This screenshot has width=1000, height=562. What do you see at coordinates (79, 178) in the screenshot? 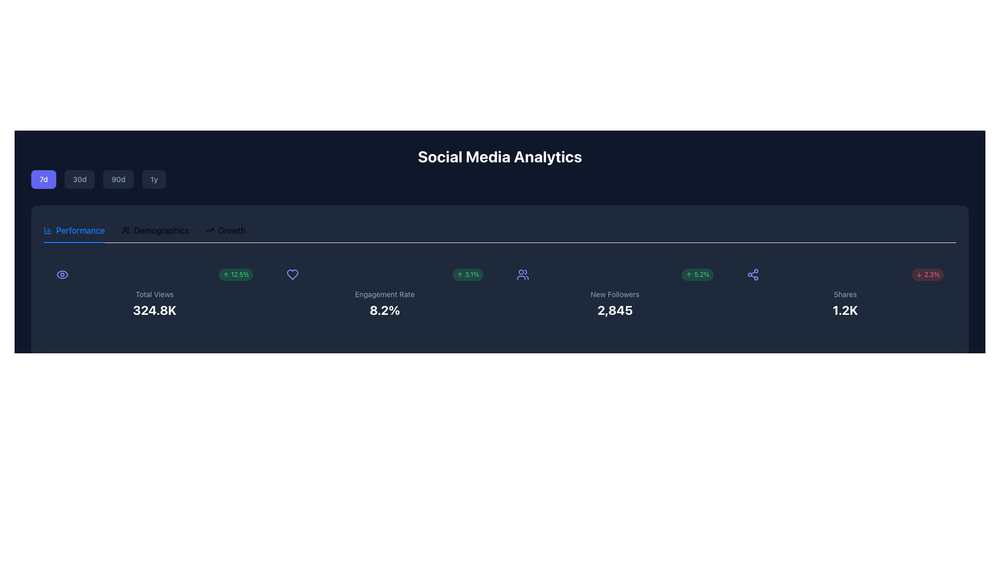
I see `the button labeled '30d' with a dark background and rounded corners` at bounding box center [79, 178].